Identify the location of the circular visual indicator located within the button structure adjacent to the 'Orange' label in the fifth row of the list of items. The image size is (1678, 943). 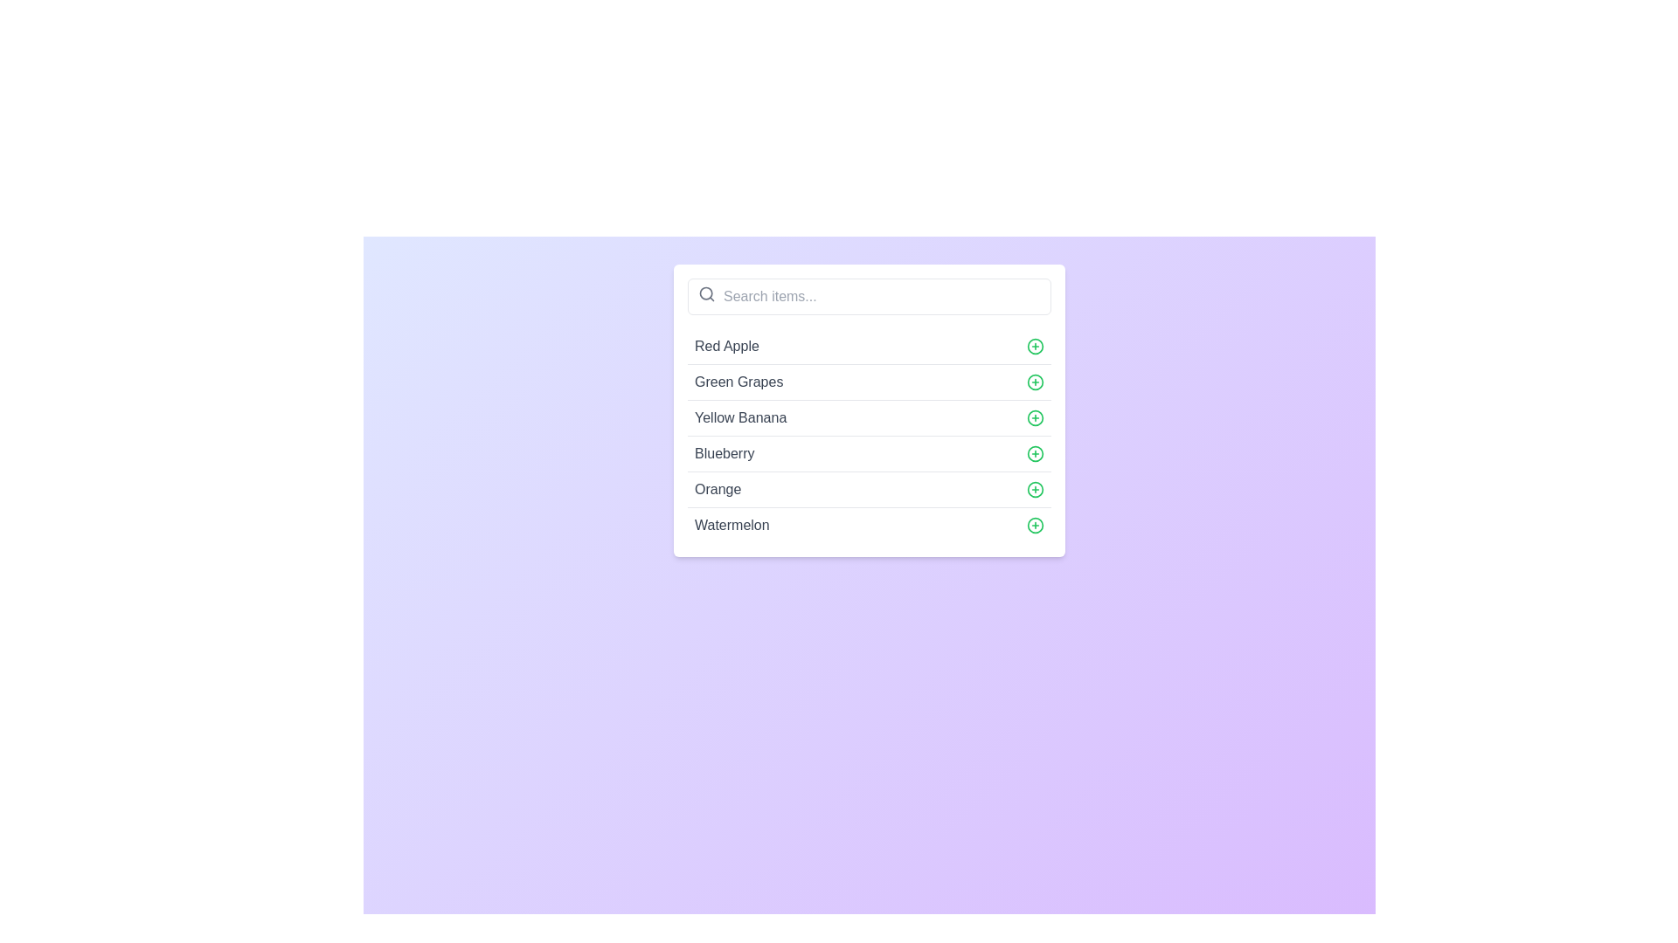
(1036, 489).